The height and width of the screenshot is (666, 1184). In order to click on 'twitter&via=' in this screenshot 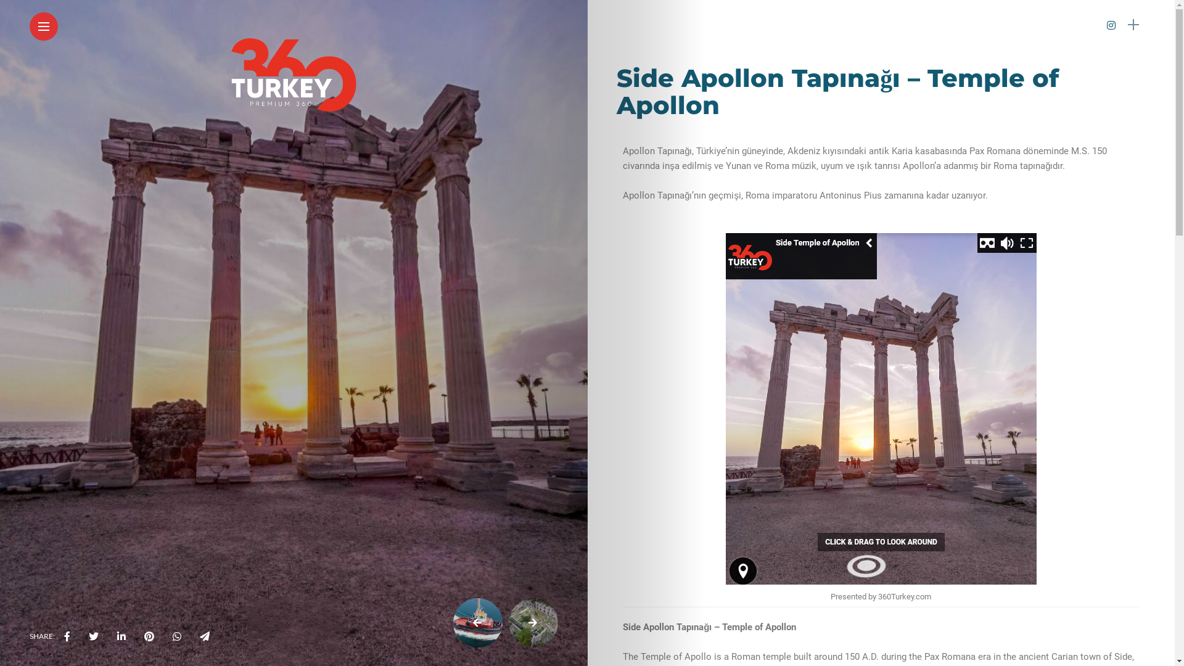, I will do `click(93, 636)`.